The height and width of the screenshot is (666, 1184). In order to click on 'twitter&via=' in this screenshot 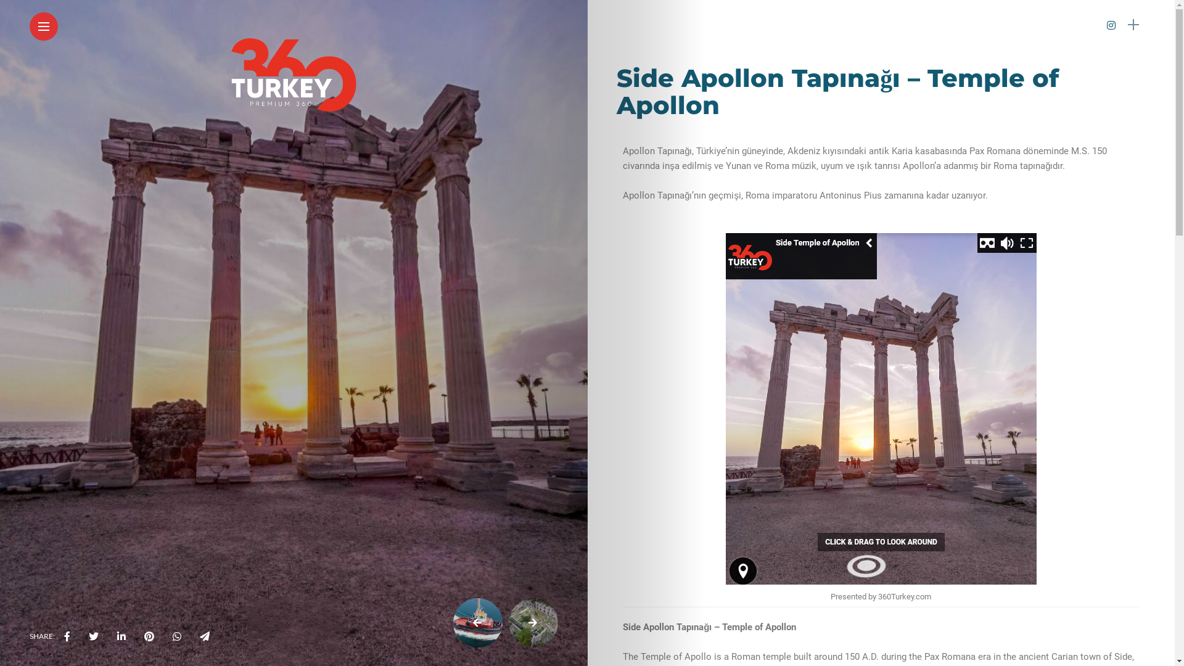, I will do `click(93, 636)`.